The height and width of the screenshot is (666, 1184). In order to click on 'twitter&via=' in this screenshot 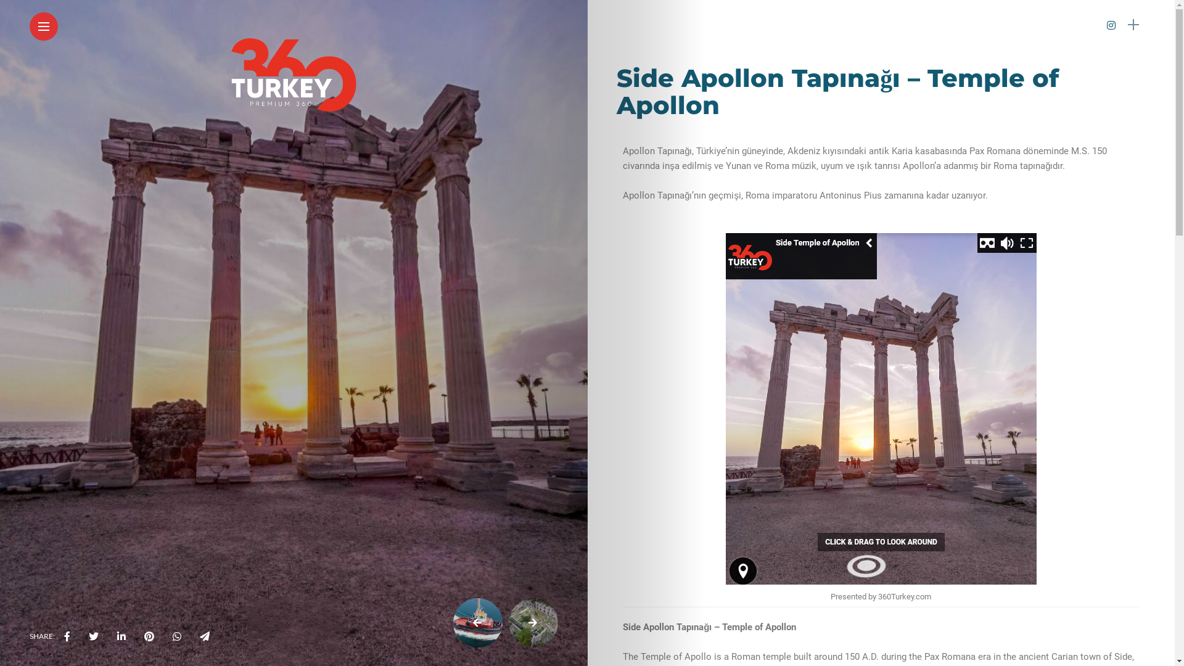, I will do `click(93, 636)`.